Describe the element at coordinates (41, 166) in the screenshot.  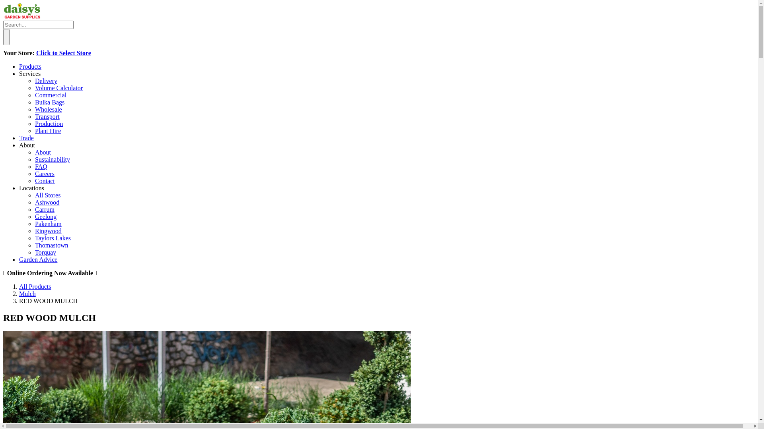
I see `'FAQ'` at that location.